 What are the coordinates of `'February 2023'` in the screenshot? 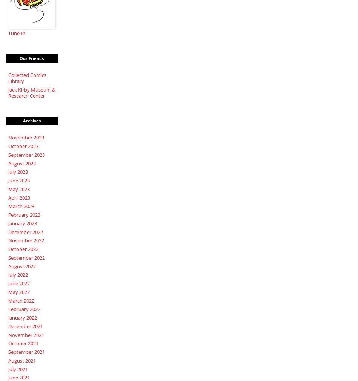 It's located at (8, 215).